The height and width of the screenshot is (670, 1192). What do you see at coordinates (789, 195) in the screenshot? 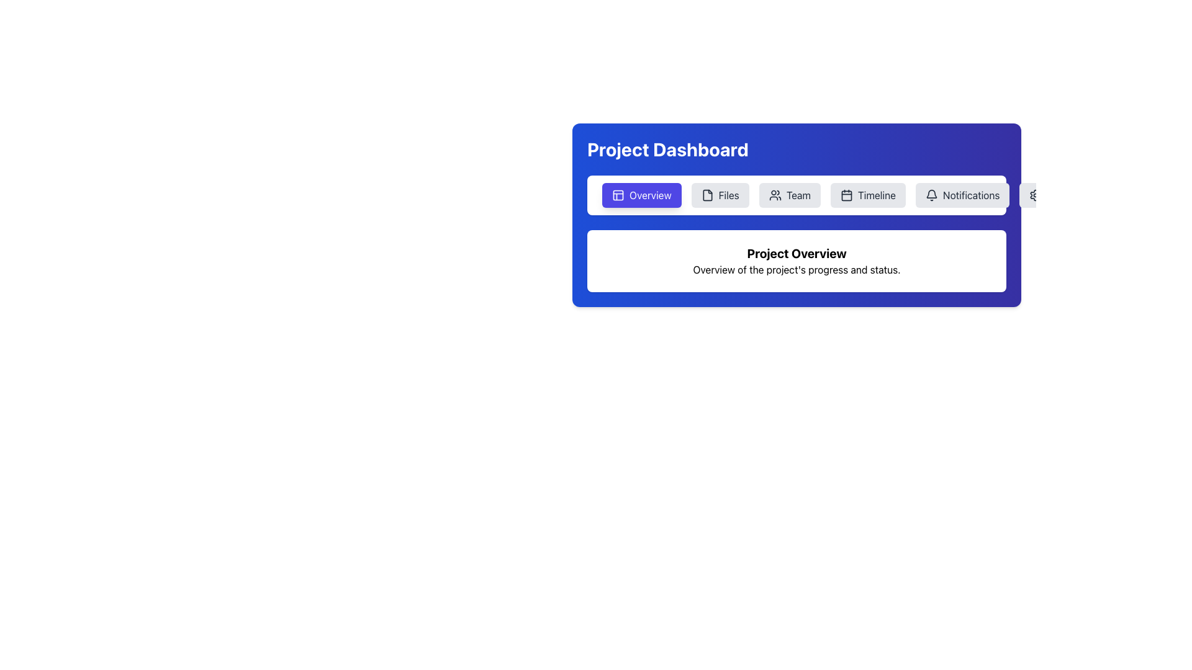
I see `the 'Team' button, which is the third button in a row of buttons between the 'Files' and 'Timeline' buttons` at bounding box center [789, 195].